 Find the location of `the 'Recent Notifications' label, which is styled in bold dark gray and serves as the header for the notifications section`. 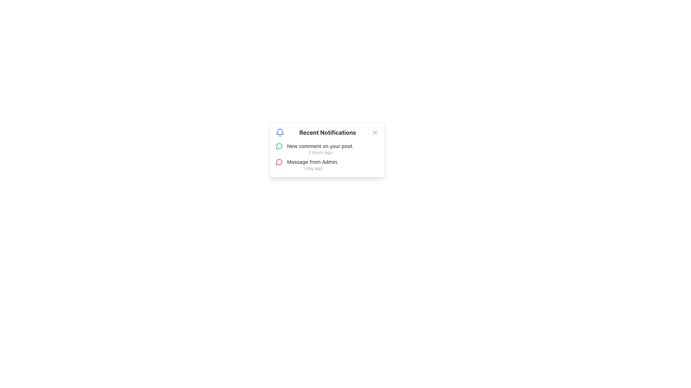

the 'Recent Notifications' label, which is styled in bold dark gray and serves as the header for the notifications section is located at coordinates (327, 133).